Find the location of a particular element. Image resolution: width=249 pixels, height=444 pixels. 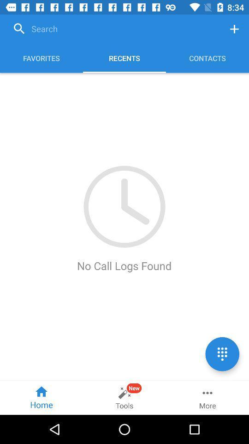

the  tools icon is located at coordinates (125, 397).